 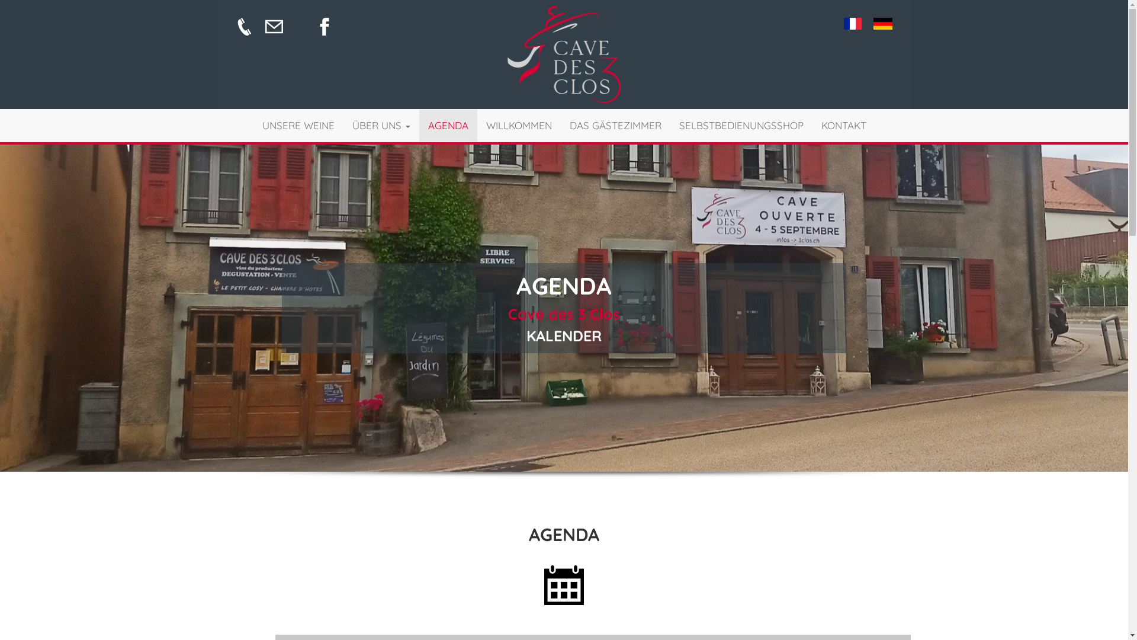 What do you see at coordinates (298, 126) in the screenshot?
I see `'UNSERE WEINE'` at bounding box center [298, 126].